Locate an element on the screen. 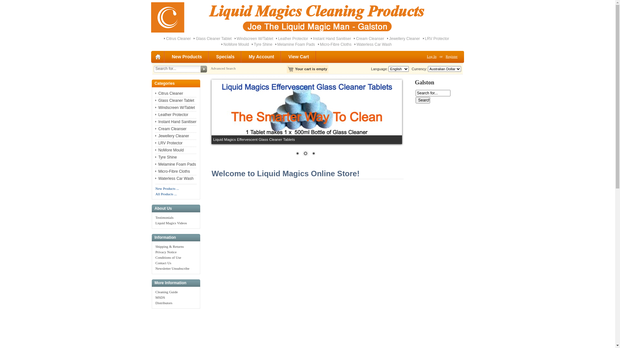 The image size is (620, 348). 'NoMore Mould' is located at coordinates (236, 44).